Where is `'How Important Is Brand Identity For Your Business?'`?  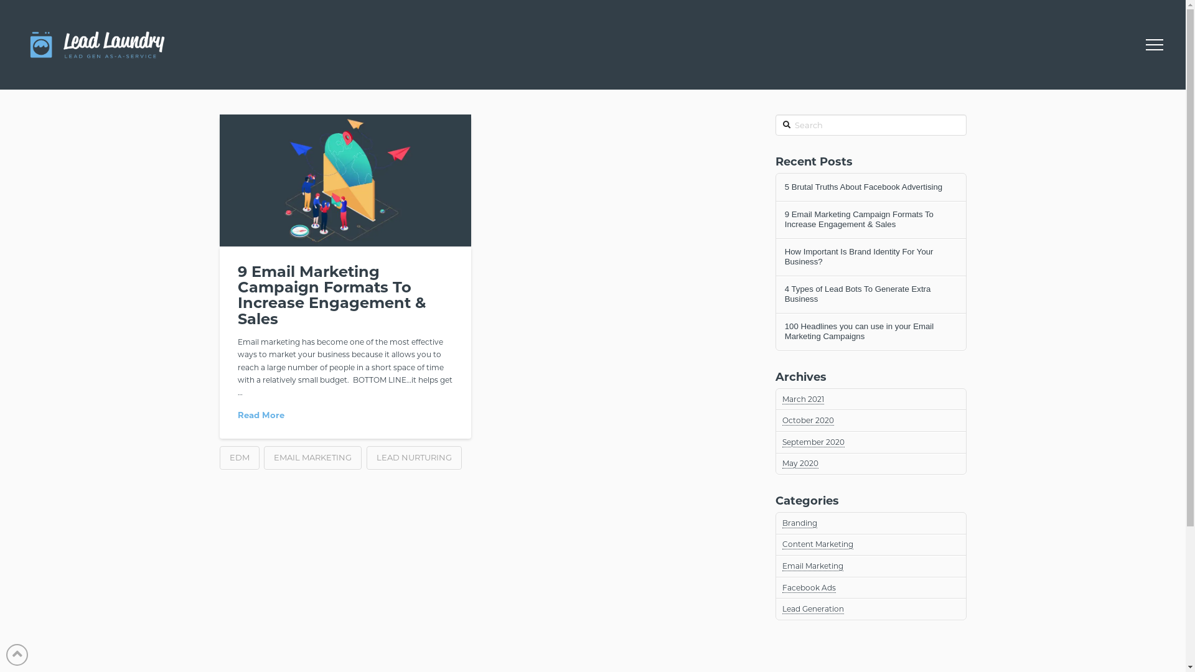
'How Important Is Brand Identity For Your Business?' is located at coordinates (870, 256).